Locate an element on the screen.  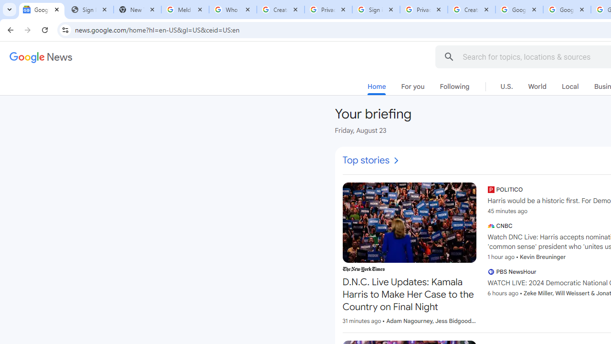
'U.S.' is located at coordinates (506, 86).